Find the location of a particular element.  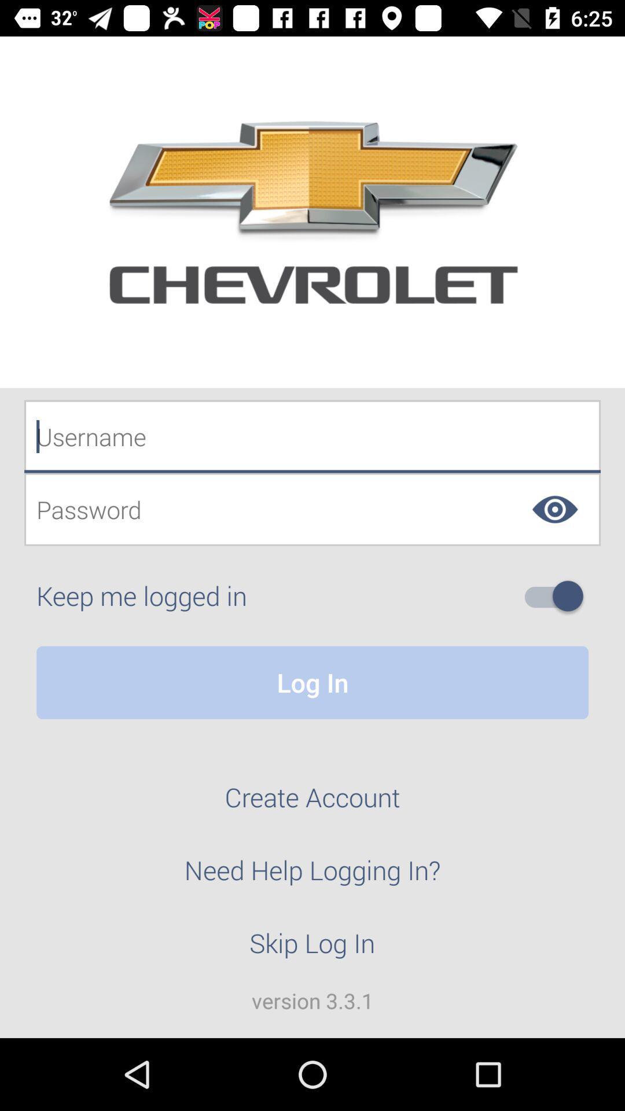

password entry is located at coordinates (312, 509).